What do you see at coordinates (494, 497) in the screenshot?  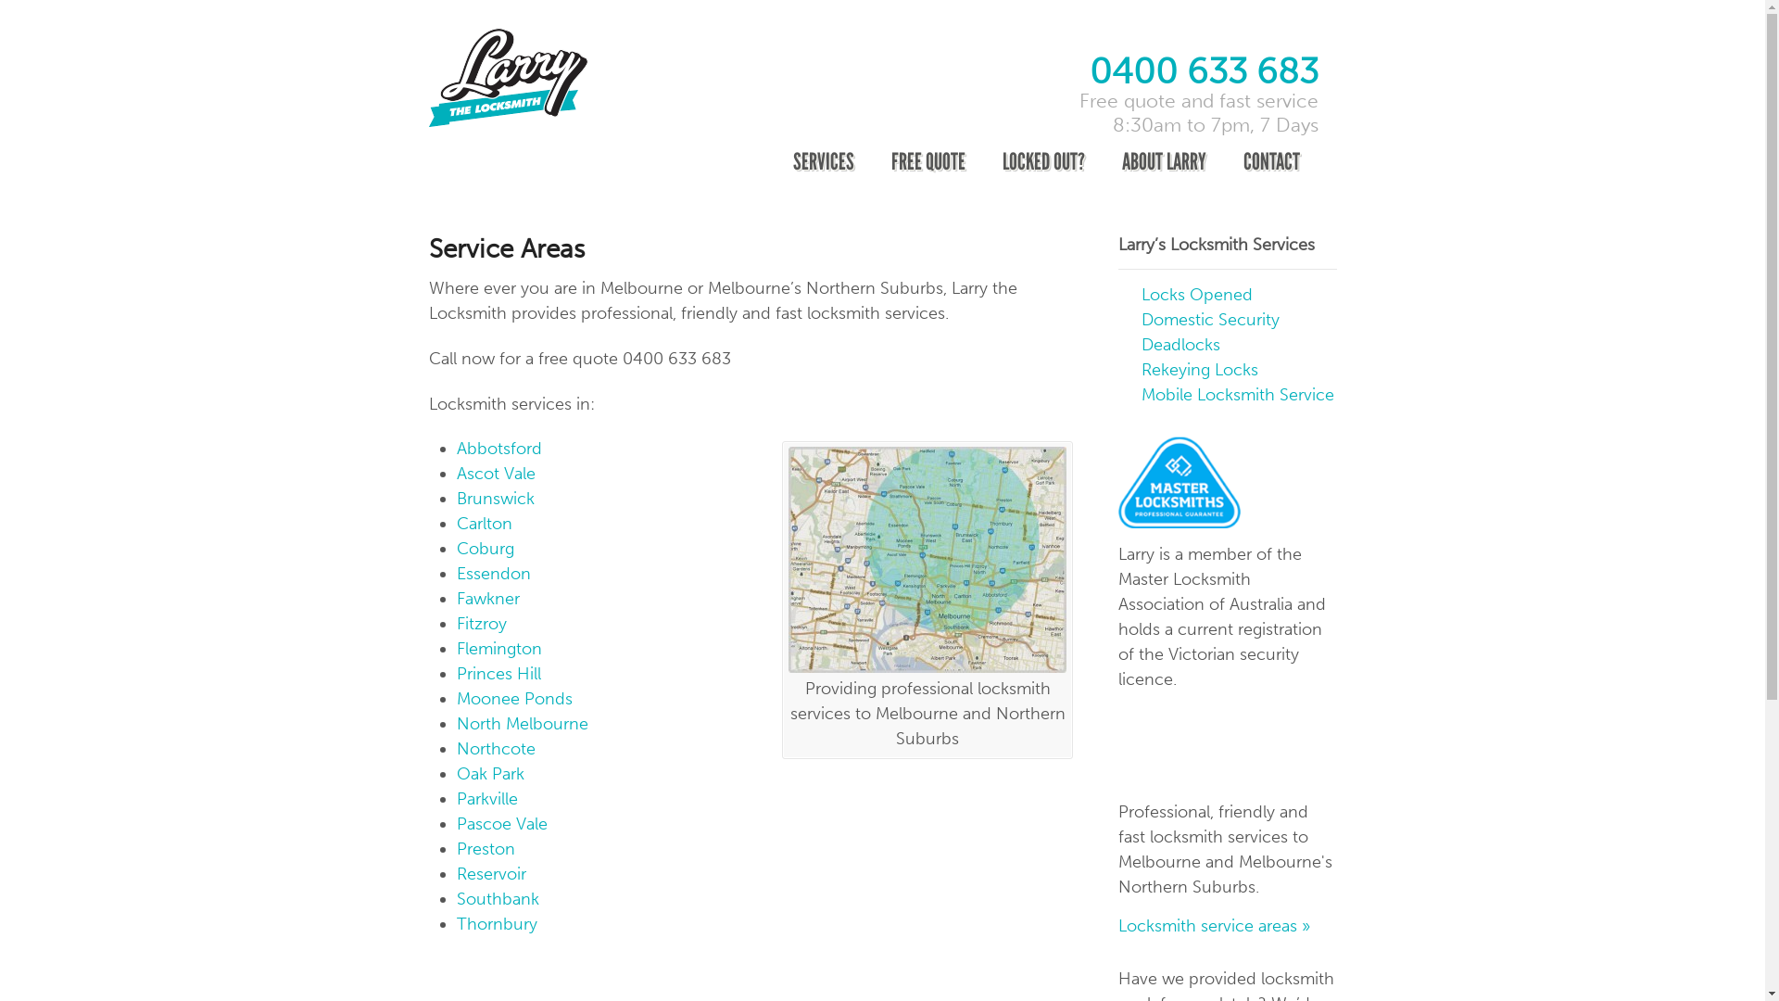 I see `'Brunswick'` at bounding box center [494, 497].